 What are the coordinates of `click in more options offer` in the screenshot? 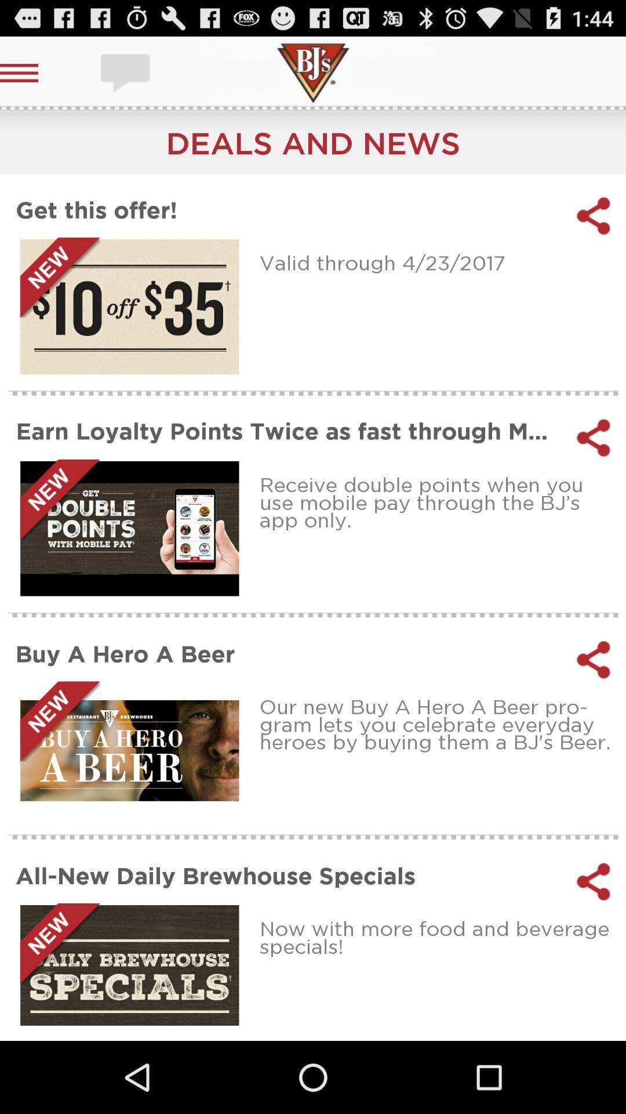 It's located at (129, 306).